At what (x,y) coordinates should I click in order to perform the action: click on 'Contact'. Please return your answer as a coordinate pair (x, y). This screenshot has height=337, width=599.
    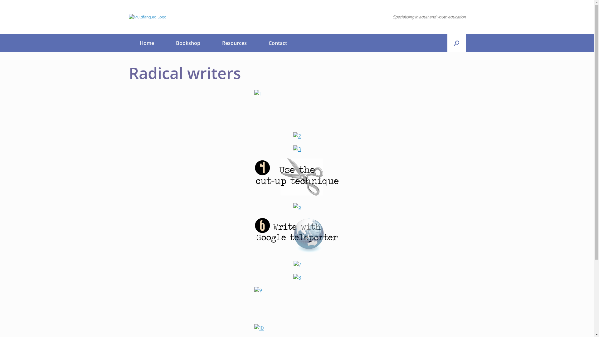
    Looking at the image, I should click on (277, 43).